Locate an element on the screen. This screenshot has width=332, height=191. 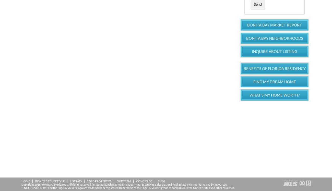
'| Design by Agent Image -' is located at coordinates (119, 184).